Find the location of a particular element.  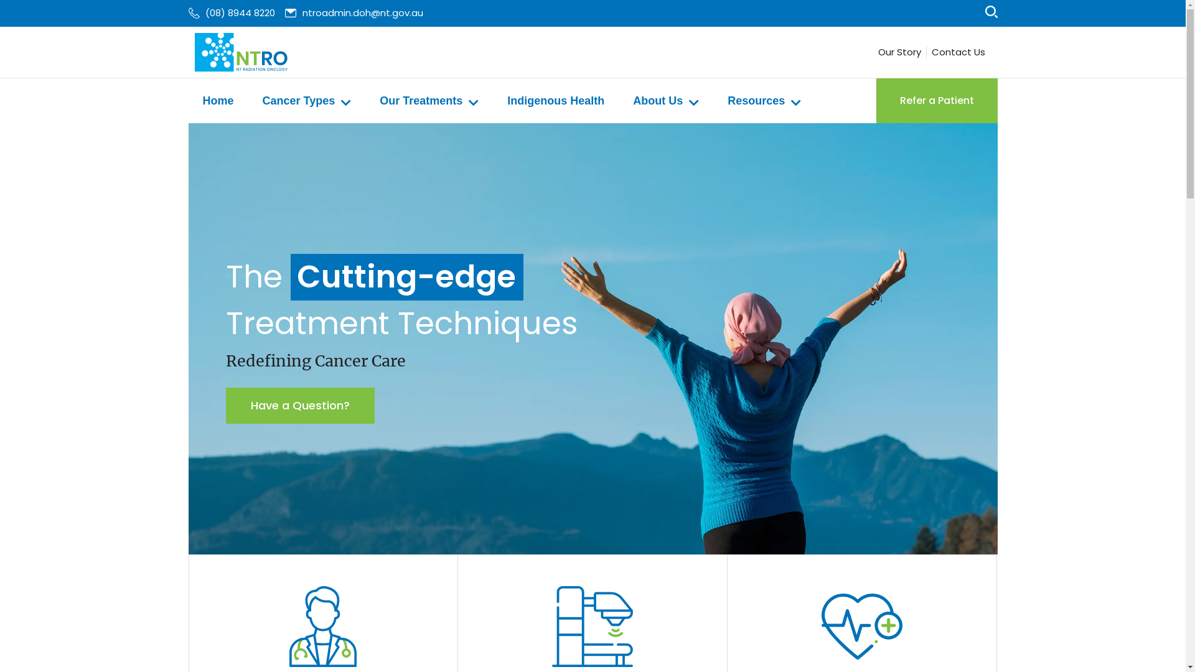

'Refer a Patient' is located at coordinates (937, 100).